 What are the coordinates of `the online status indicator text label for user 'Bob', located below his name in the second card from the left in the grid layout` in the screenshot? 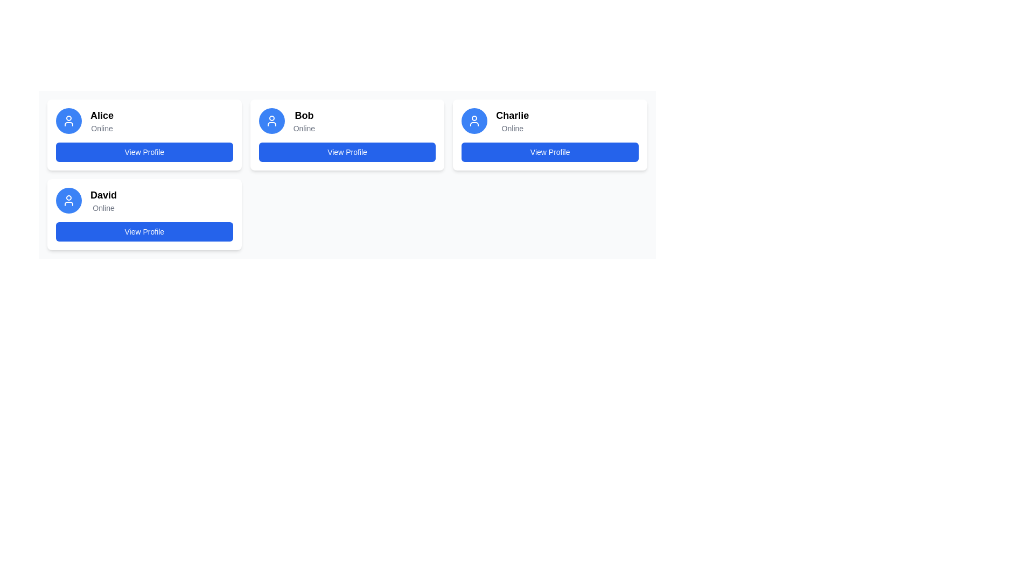 It's located at (303, 128).